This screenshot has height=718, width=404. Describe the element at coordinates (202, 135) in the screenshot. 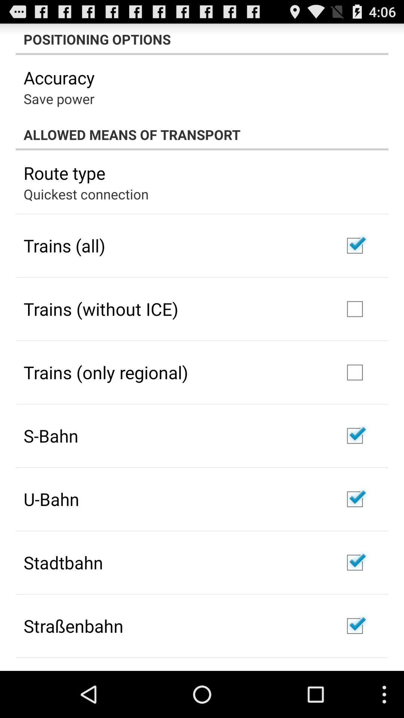

I see `the item below save power` at that location.